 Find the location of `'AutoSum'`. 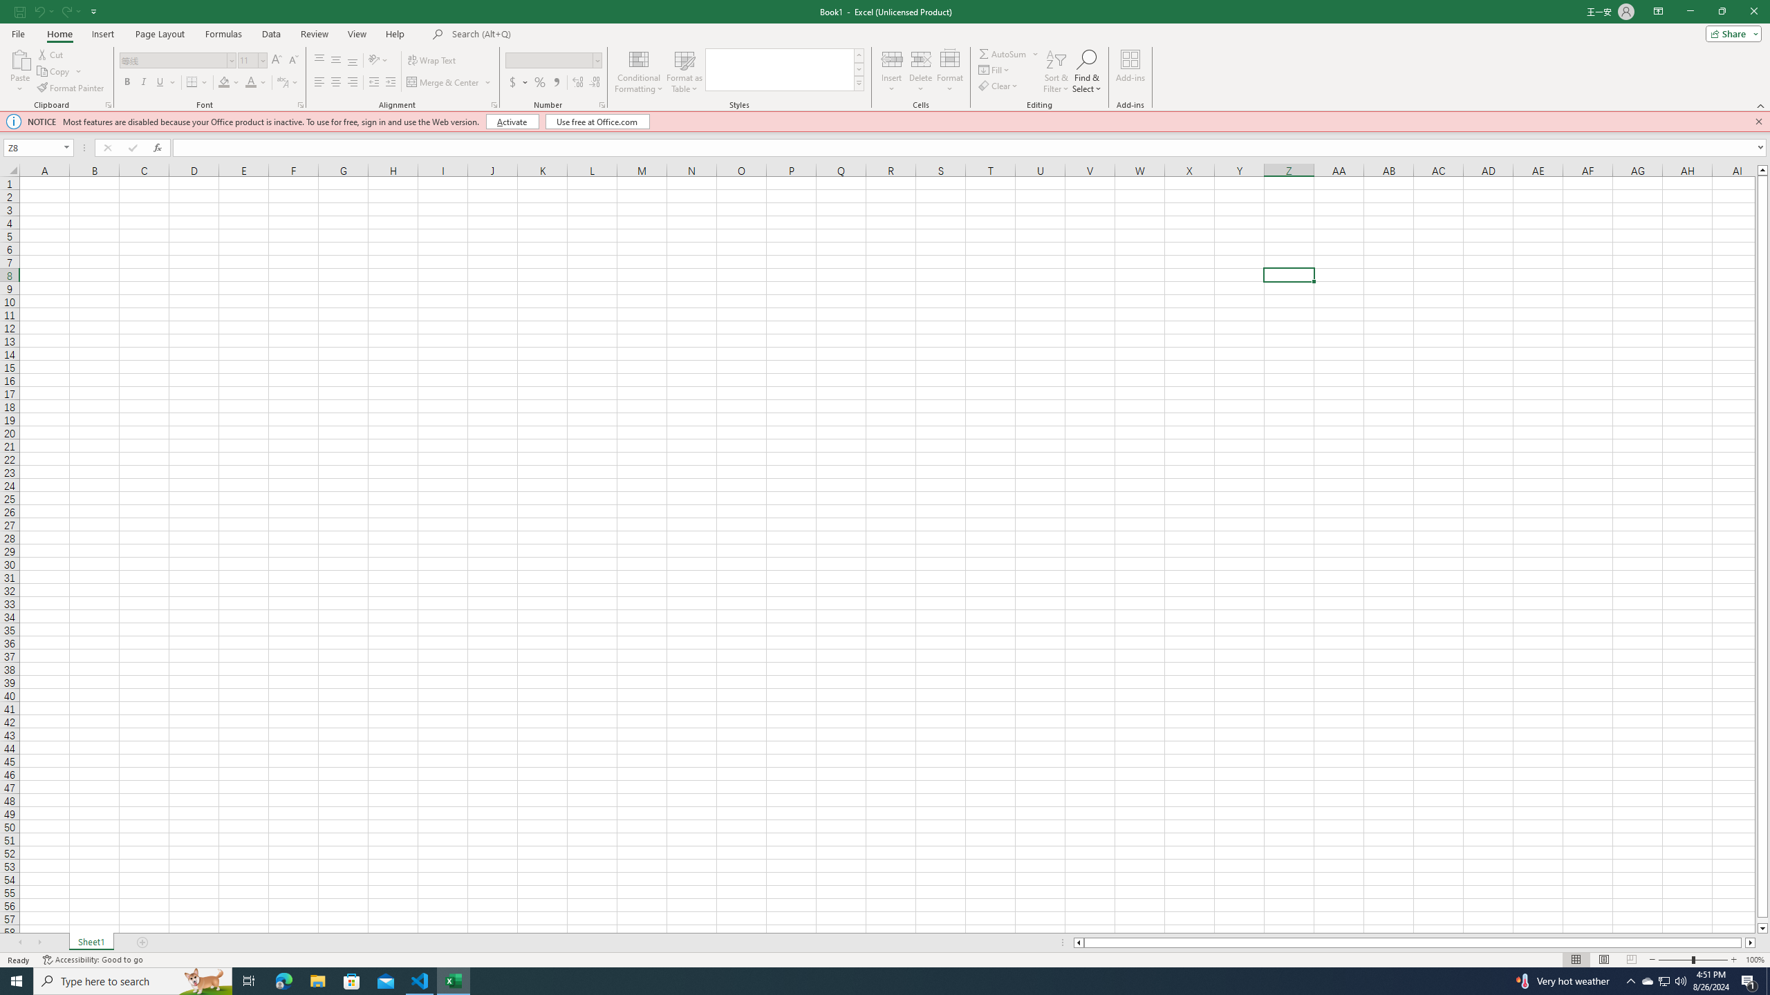

'AutoSum' is located at coordinates (1009, 53).